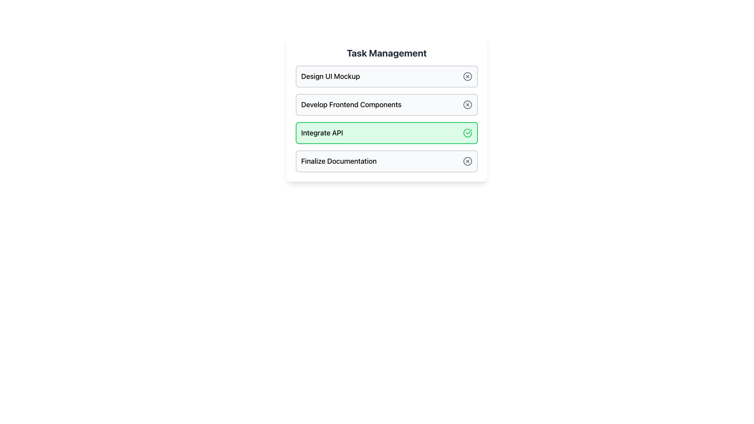 This screenshot has height=424, width=754. Describe the element at coordinates (351, 104) in the screenshot. I see `the text label that serves as a descriptor for the task entry located in the second item of a vertically stacked list, positioned between 'Design UI Mockup' and 'Integrate API'` at that location.